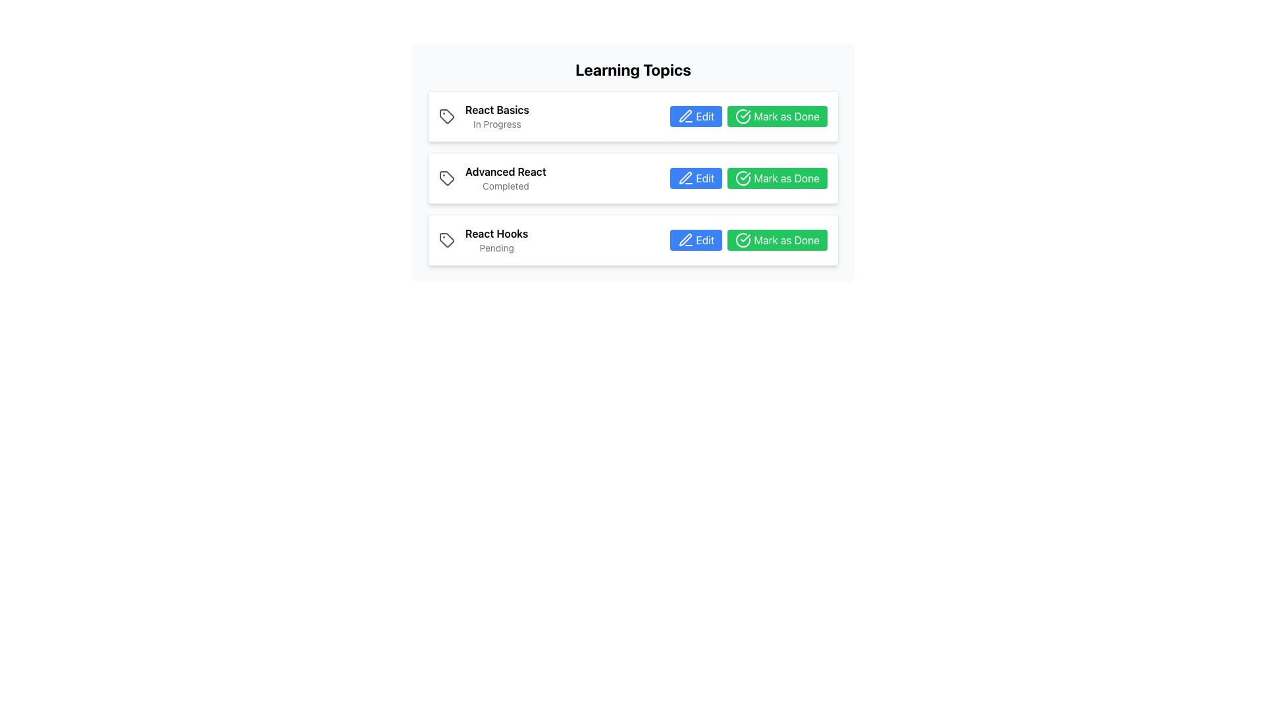 This screenshot has height=711, width=1264. Describe the element at coordinates (777, 116) in the screenshot. I see `the 'Complete' button located to the right of the 'Edit' button` at that location.